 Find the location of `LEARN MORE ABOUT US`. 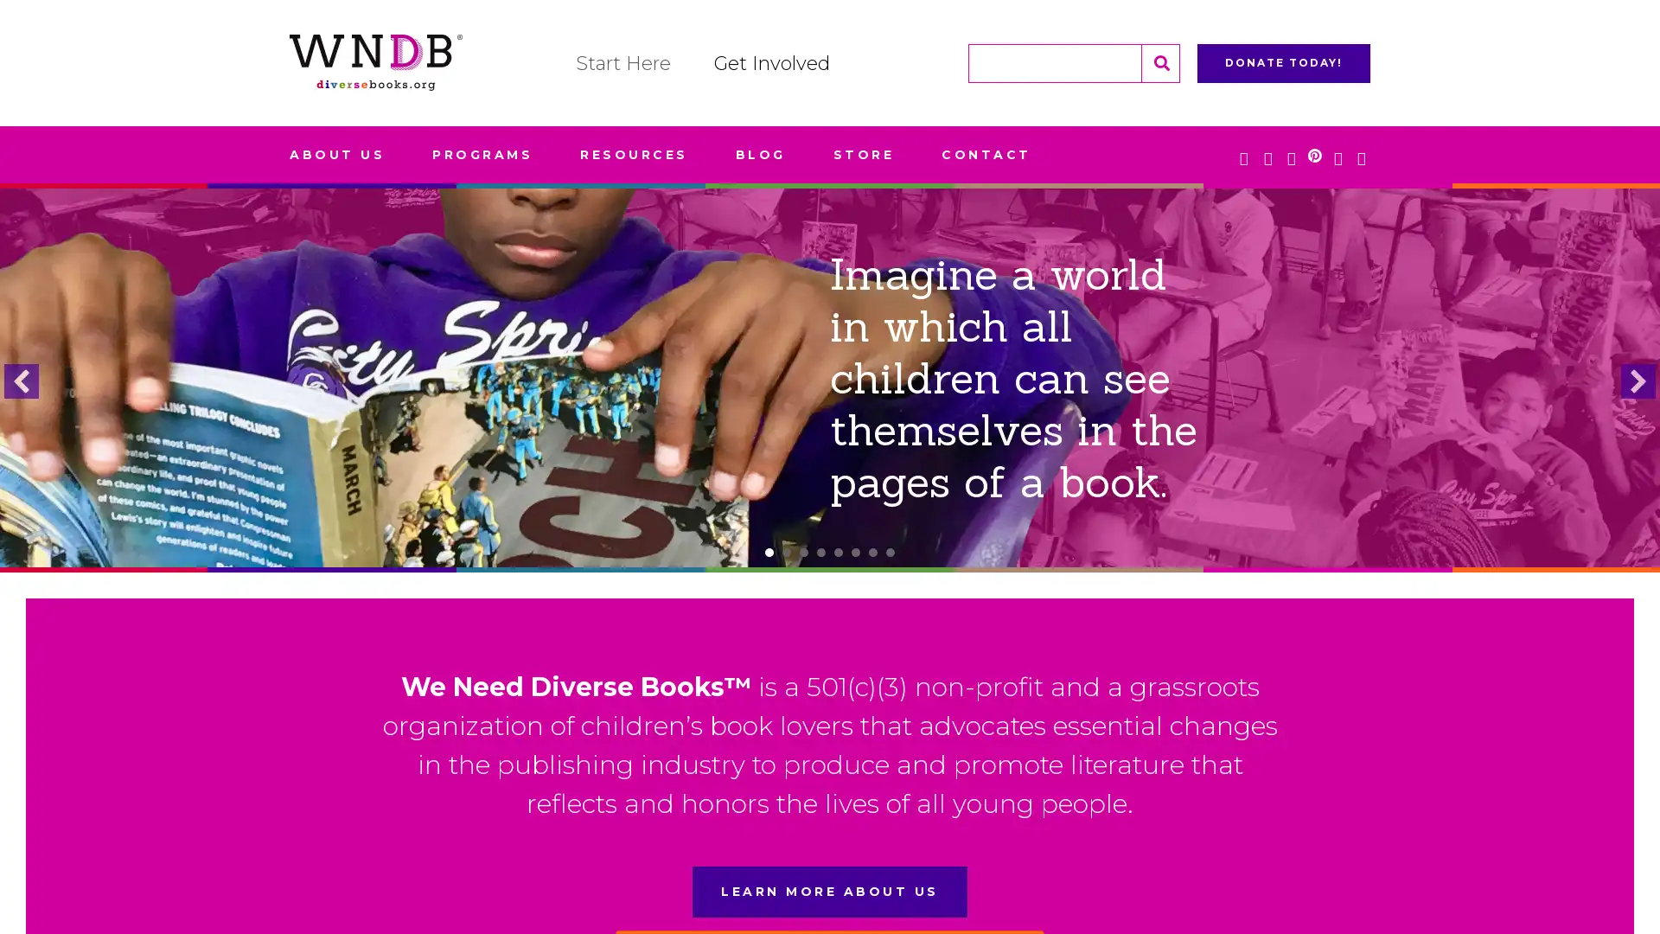

LEARN MORE ABOUT US is located at coordinates (828, 892).